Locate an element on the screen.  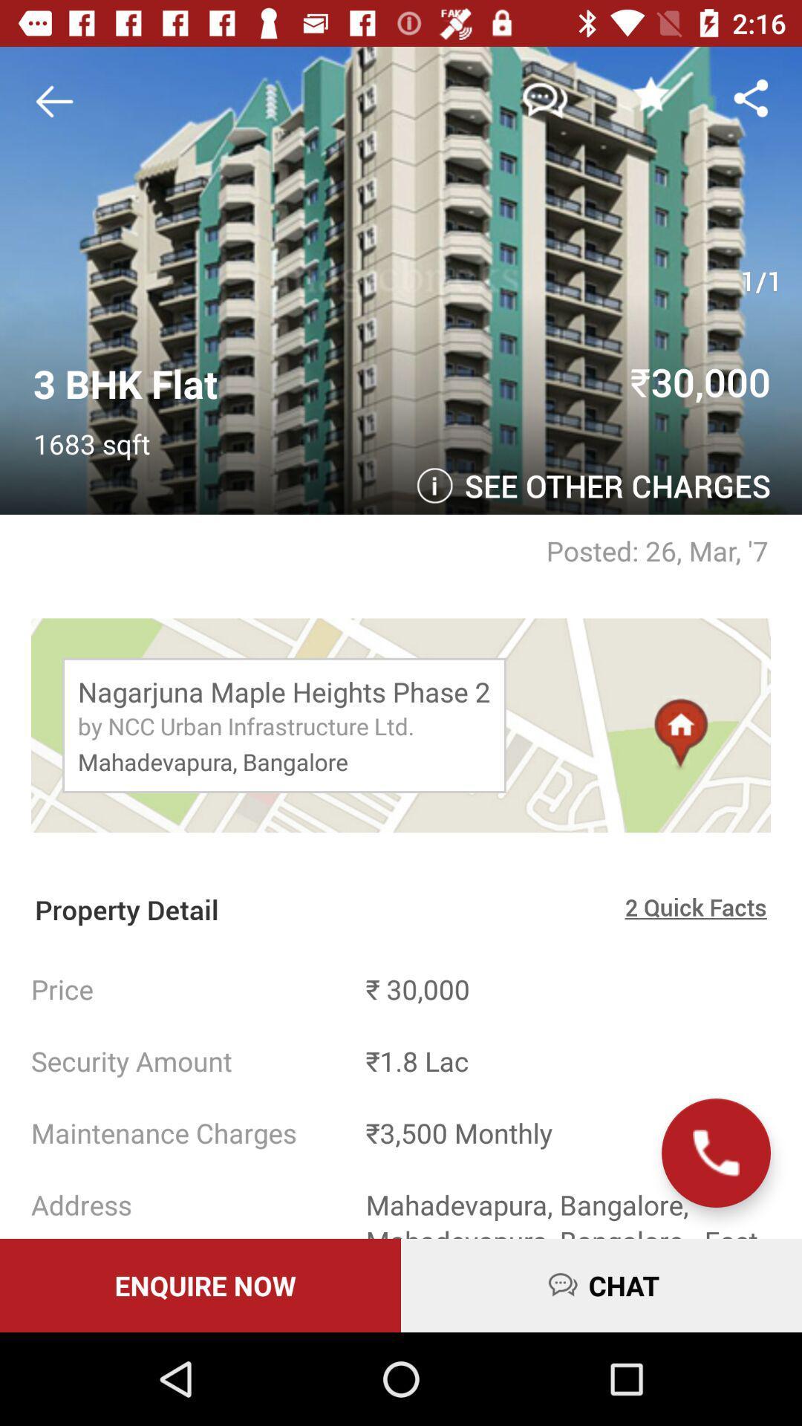
advertisement is located at coordinates (59, 100).